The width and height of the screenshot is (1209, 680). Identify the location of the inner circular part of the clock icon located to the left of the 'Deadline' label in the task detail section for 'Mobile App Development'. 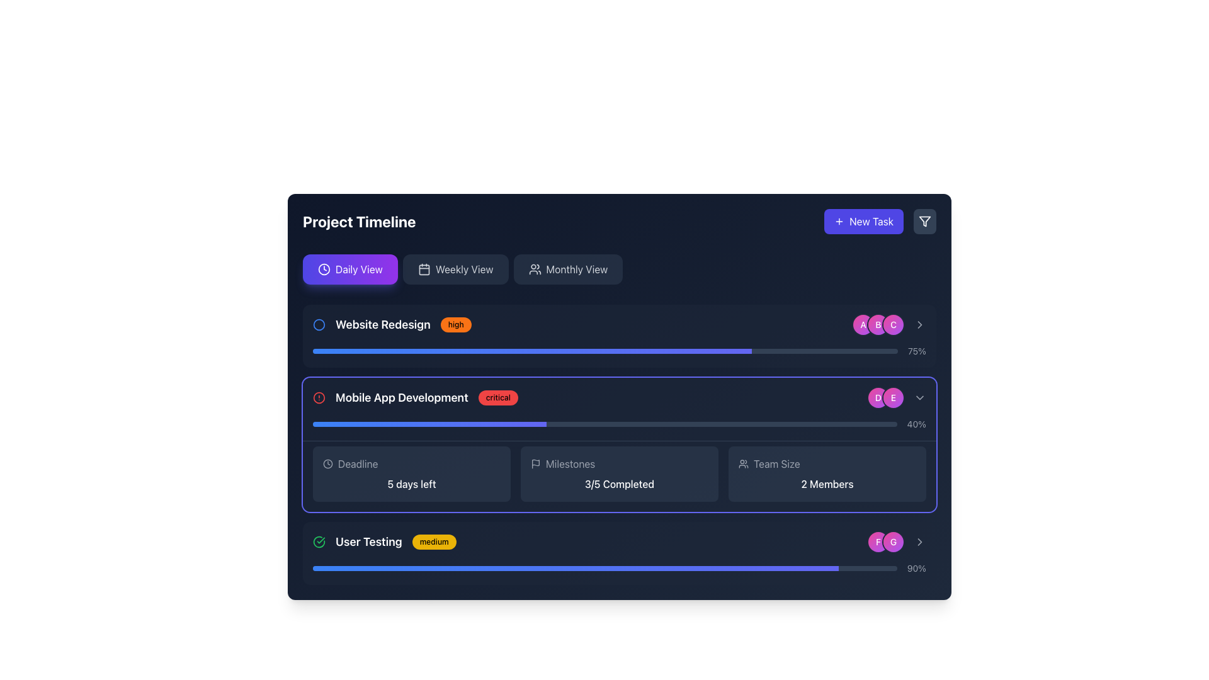
(324, 269).